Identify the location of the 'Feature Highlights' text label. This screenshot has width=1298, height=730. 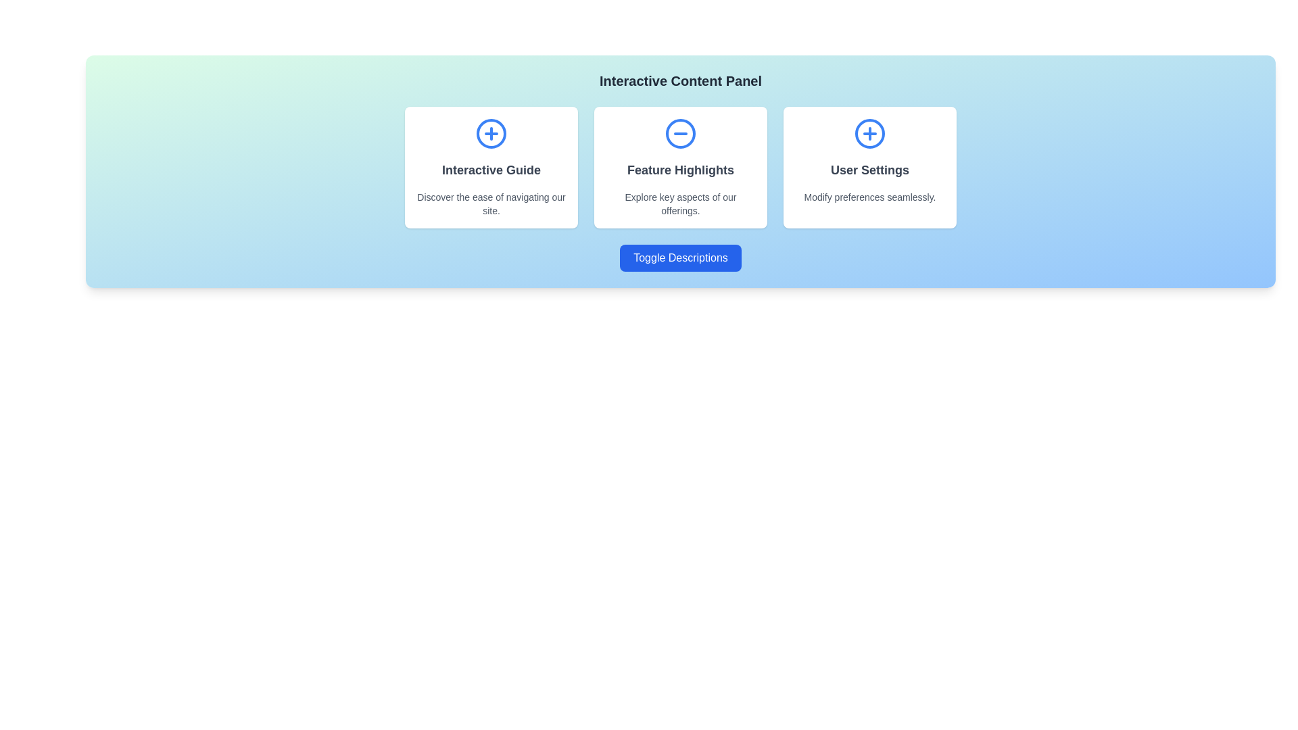
(681, 169).